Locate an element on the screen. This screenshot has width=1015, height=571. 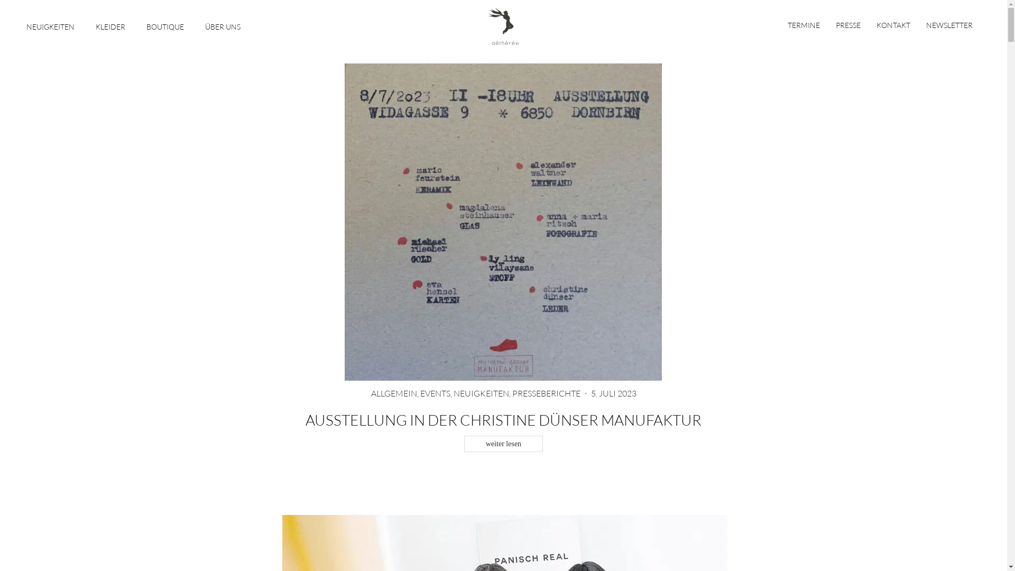
'PRESSEBERICHTE' is located at coordinates (546, 393).